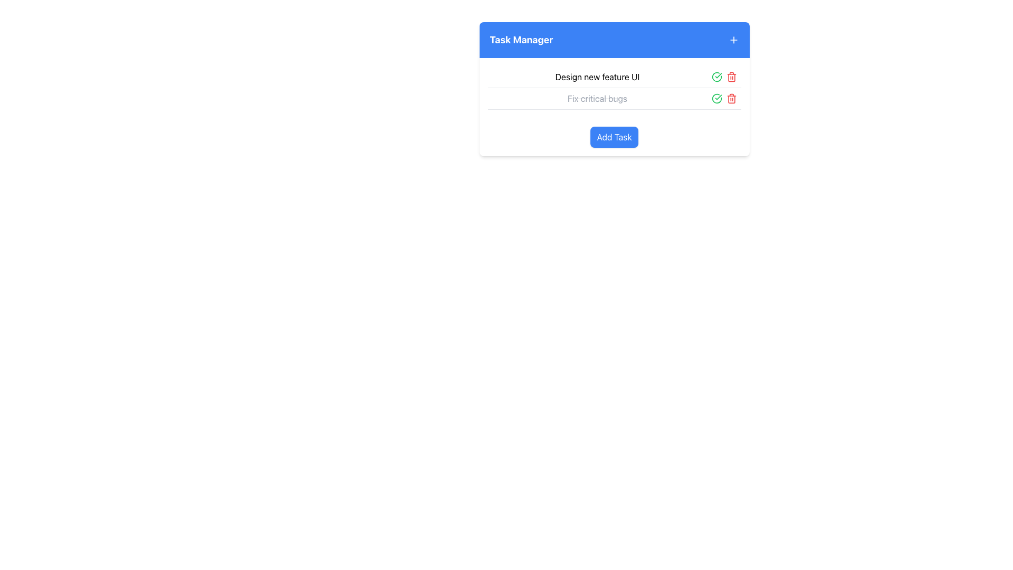  Describe the element at coordinates (723, 77) in the screenshot. I see `the green circular icon with a checkmark in the horizontal group of icons next to the text 'Design new feature UI' to mark the task as complete` at that location.